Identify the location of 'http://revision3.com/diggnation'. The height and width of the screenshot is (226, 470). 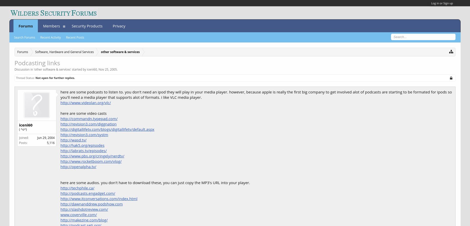
(88, 124).